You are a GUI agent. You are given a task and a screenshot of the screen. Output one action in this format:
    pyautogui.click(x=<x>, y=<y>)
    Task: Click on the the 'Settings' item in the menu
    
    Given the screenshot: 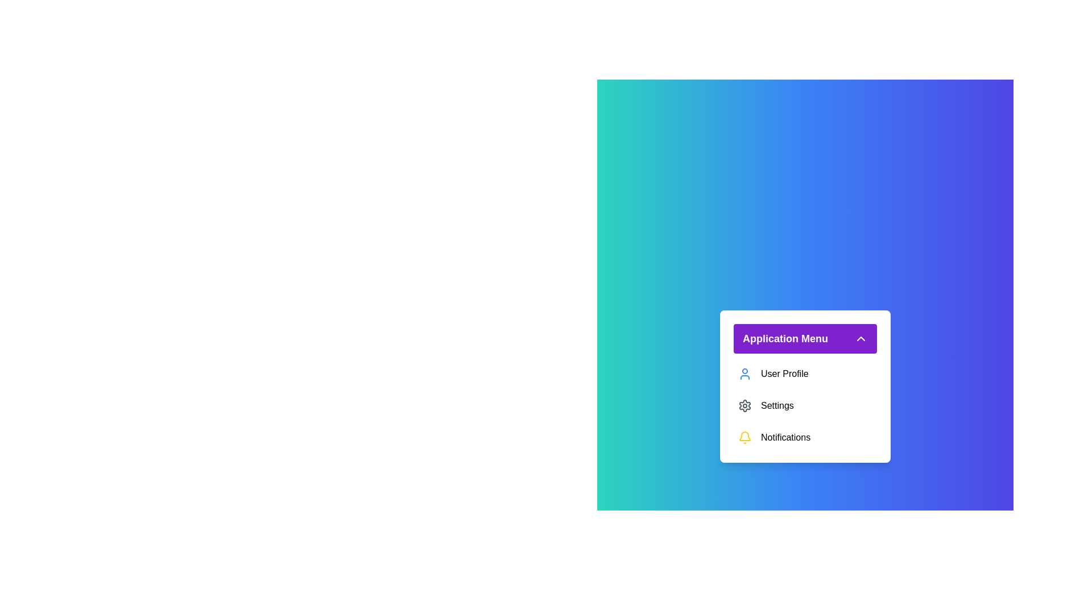 What is the action you would take?
    pyautogui.click(x=805, y=405)
    